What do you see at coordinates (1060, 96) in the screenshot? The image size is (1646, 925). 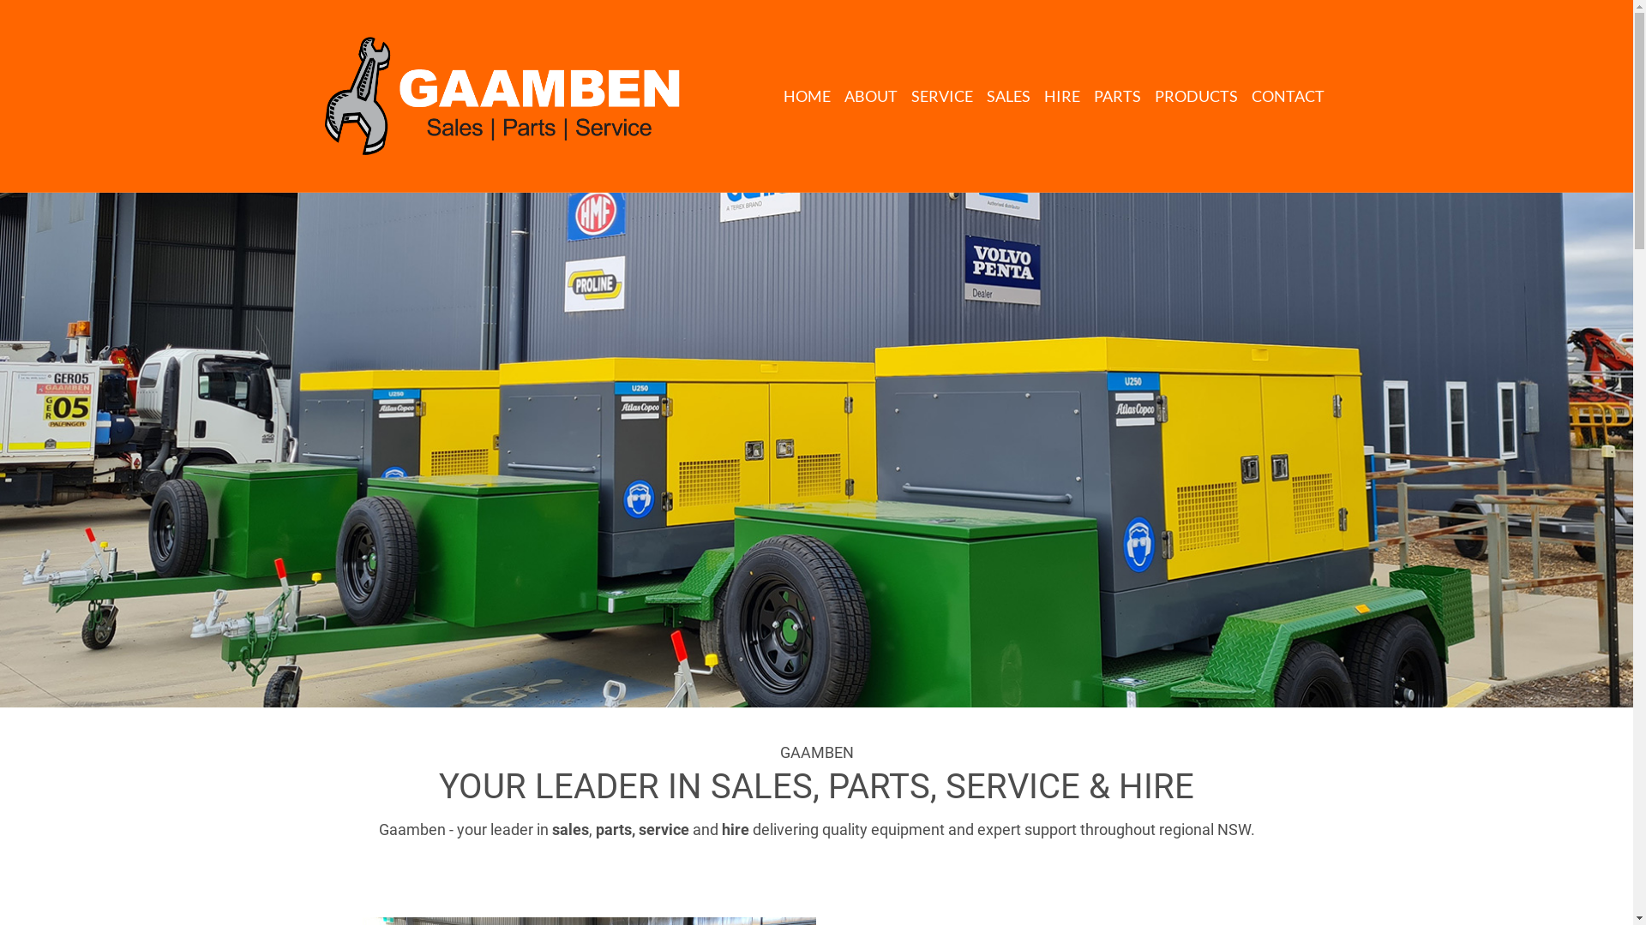 I see `'HIRE'` at bounding box center [1060, 96].